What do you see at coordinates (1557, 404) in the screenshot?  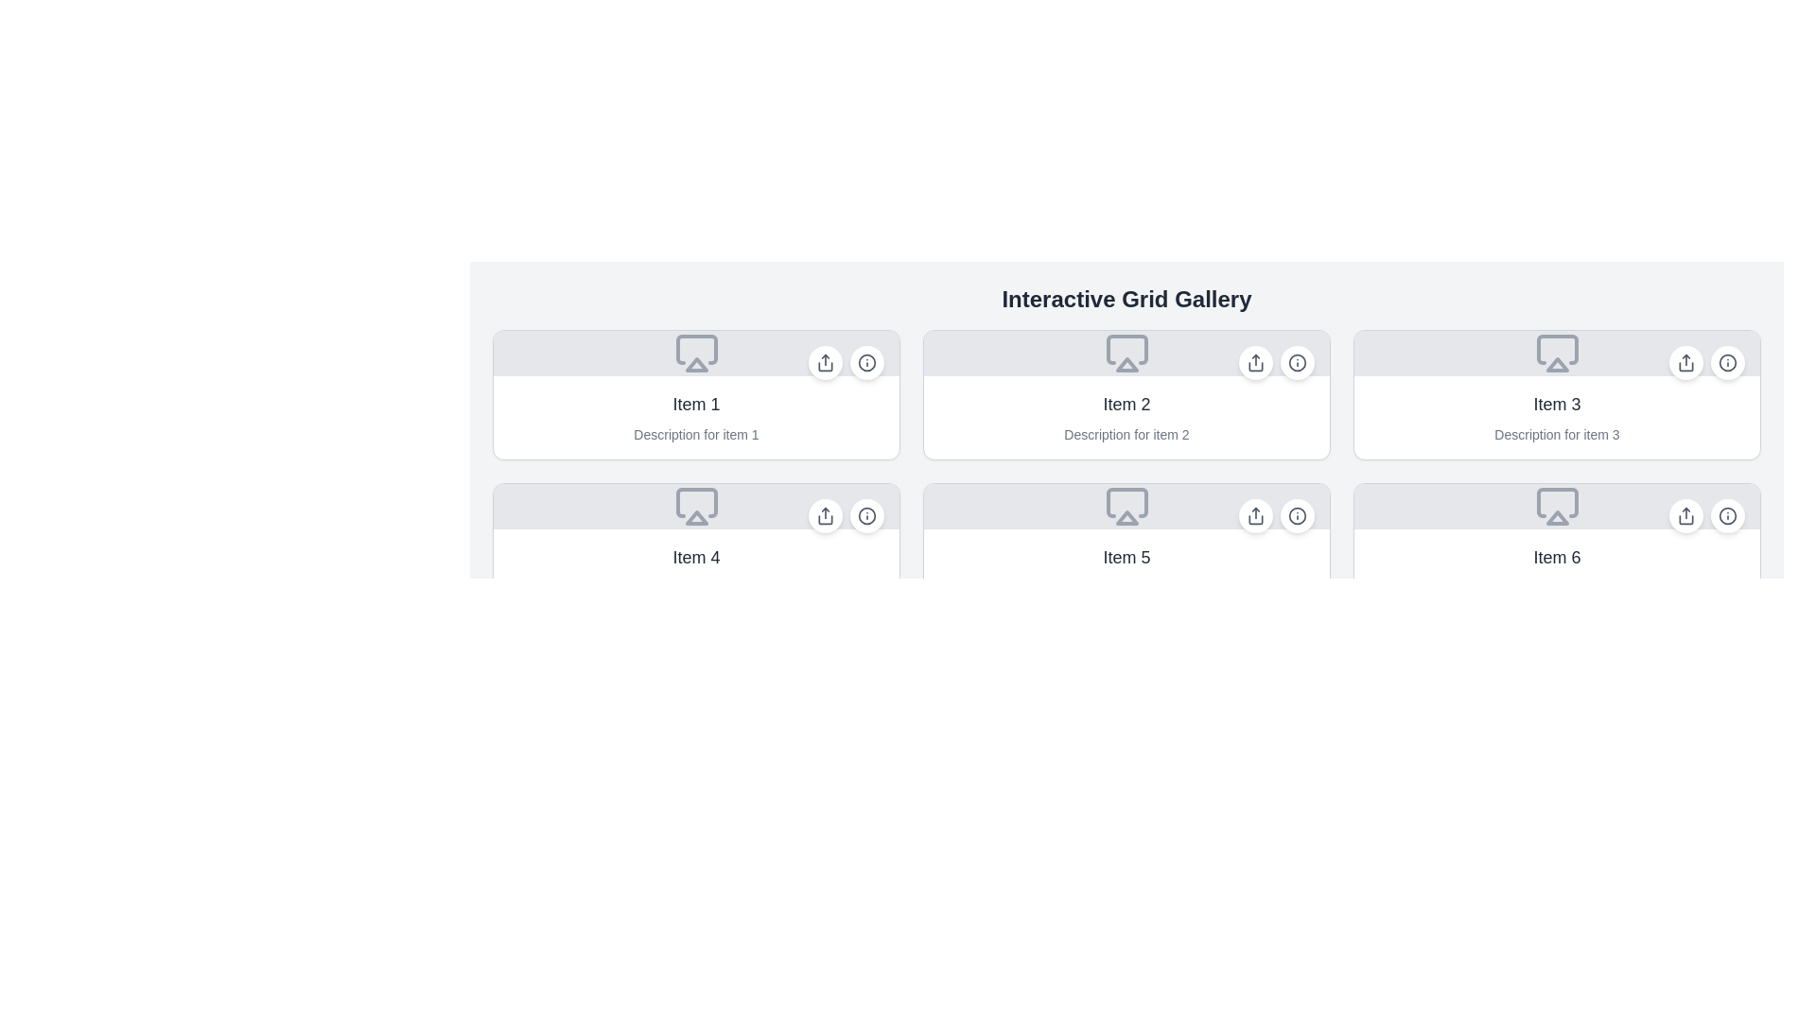 I see `the Text Label located in the rightmost column of the first row in the gallery grid, which serves as a title or identifier for the corresponding item` at bounding box center [1557, 404].